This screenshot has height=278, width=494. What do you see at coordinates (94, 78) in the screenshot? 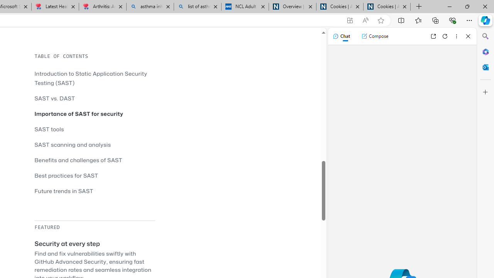
I see `'Introduction to Static Application Security Testing (SAST)'` at bounding box center [94, 78].